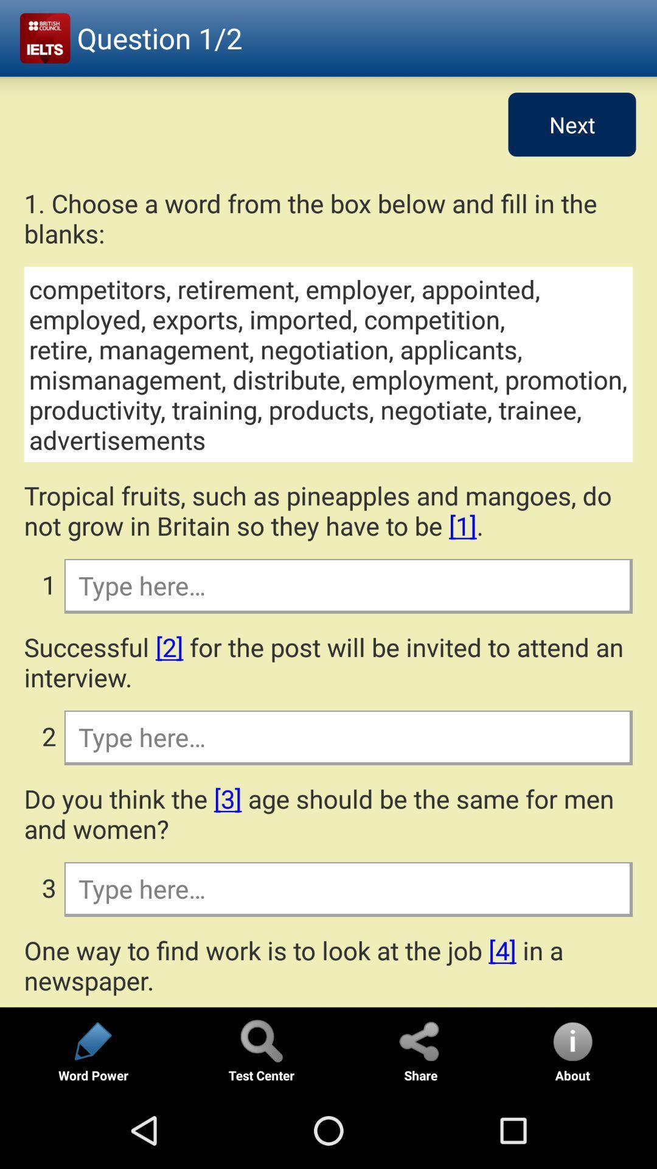 The height and width of the screenshot is (1169, 657). Describe the element at coordinates (347, 736) in the screenshot. I see `type answer for question 2` at that location.